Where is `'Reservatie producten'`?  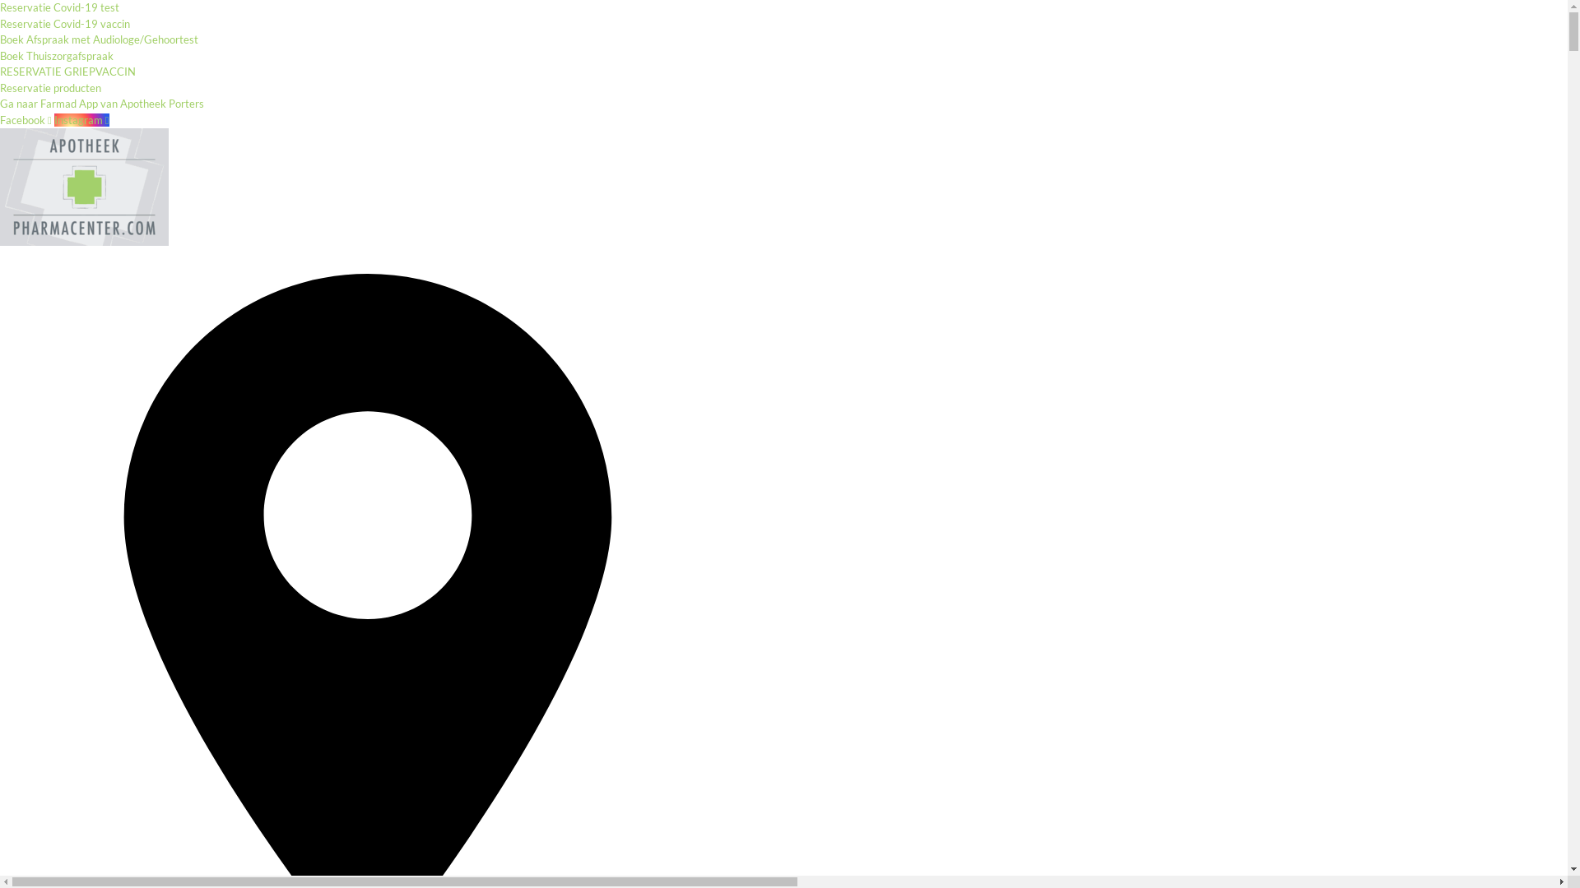 'Reservatie producten' is located at coordinates (50, 86).